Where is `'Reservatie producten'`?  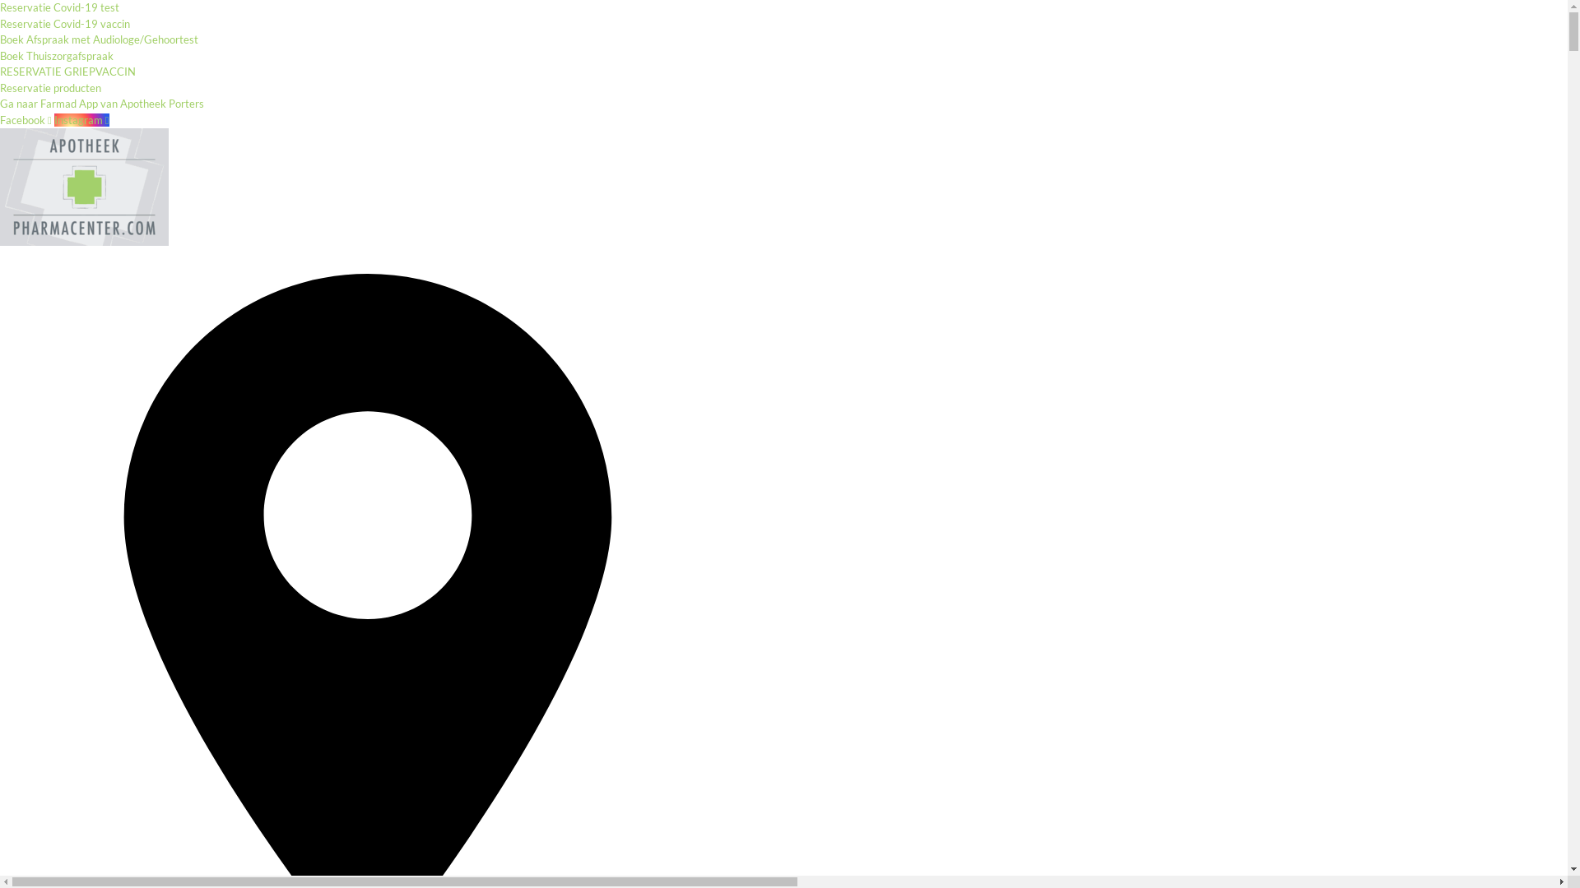 'Reservatie producten' is located at coordinates (50, 86).